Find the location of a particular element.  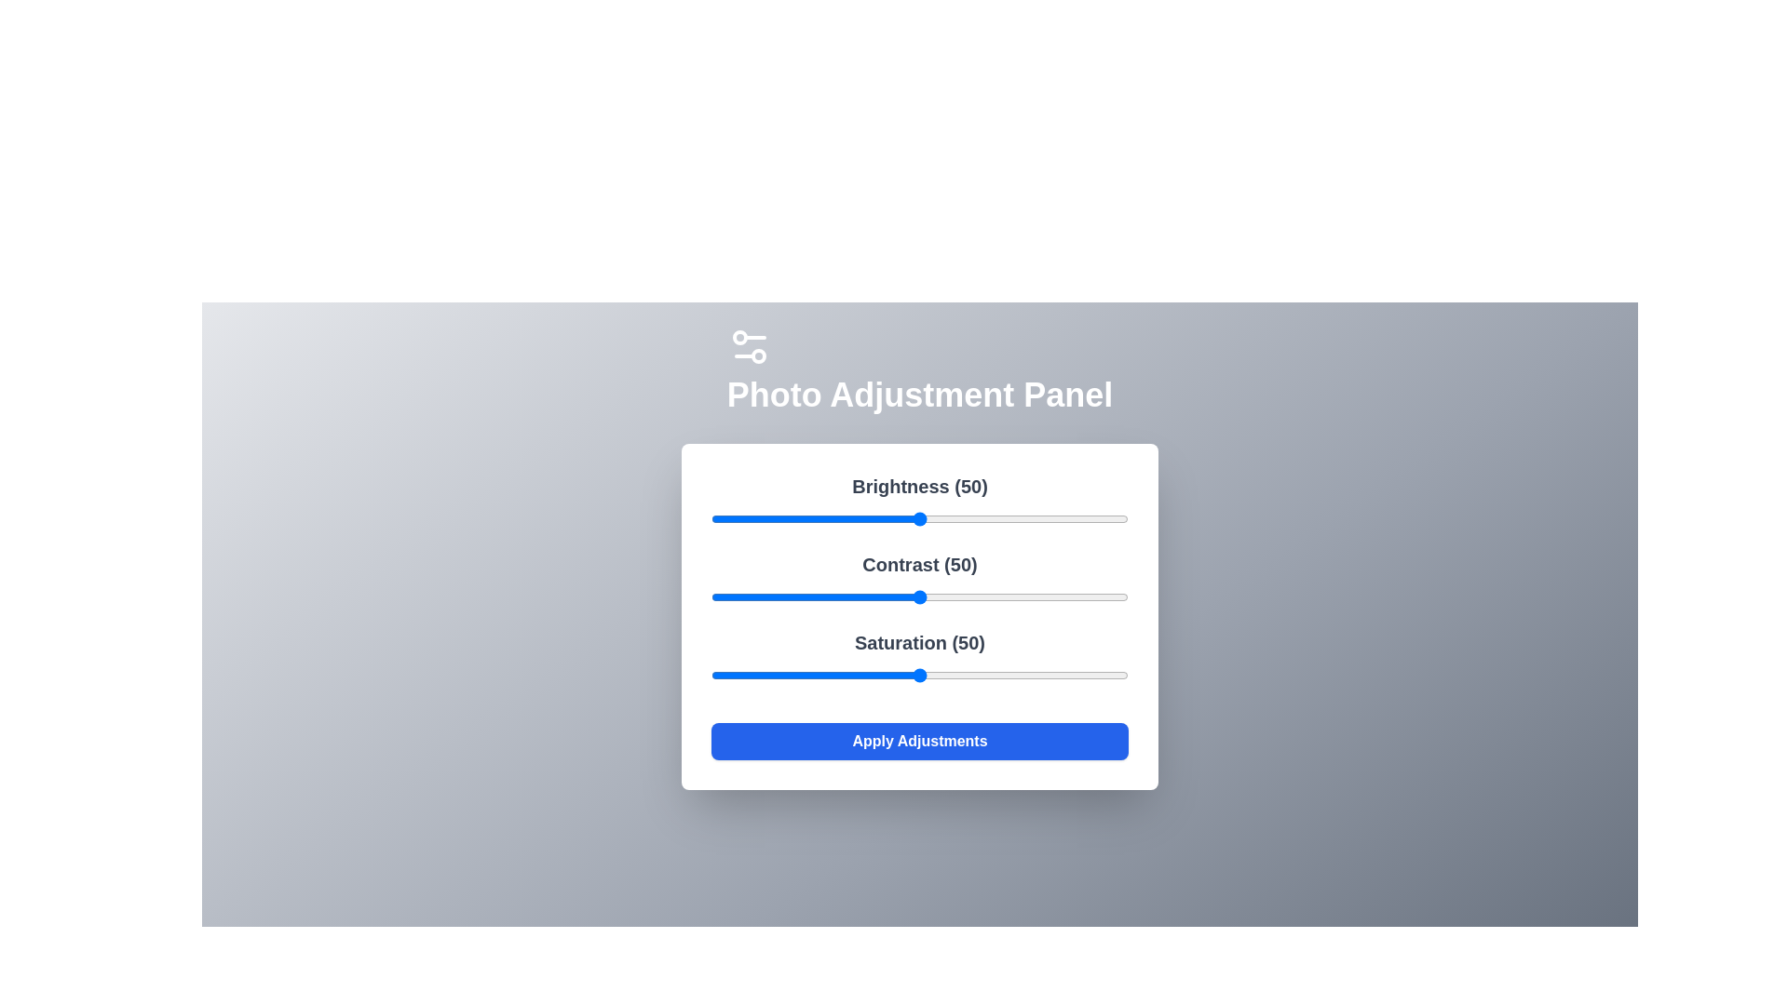

the 1 slider to 95 is located at coordinates (1107, 596).